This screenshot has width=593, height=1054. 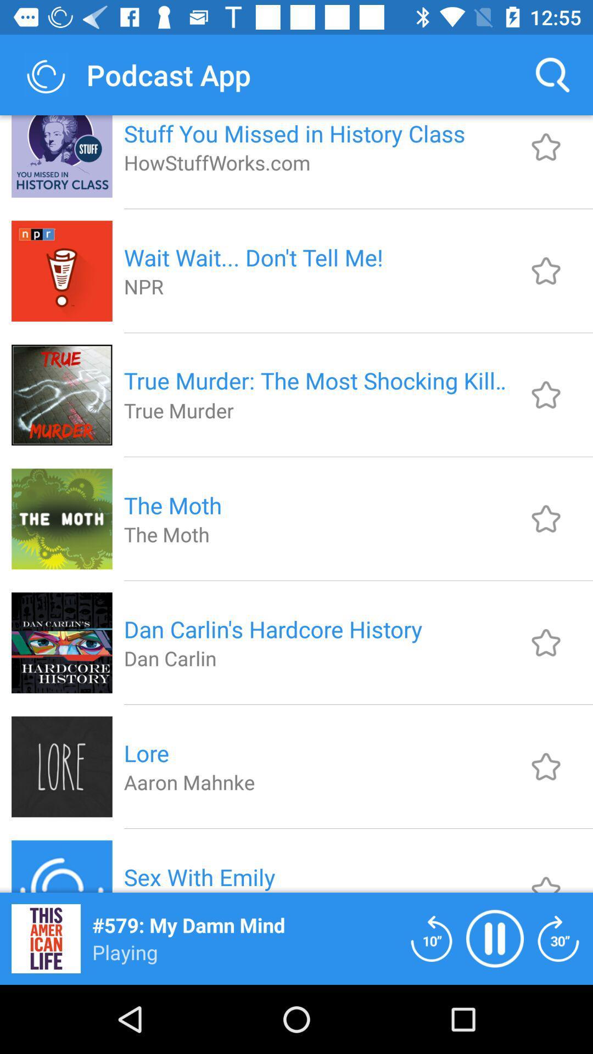 I want to click on image, so click(x=546, y=766).